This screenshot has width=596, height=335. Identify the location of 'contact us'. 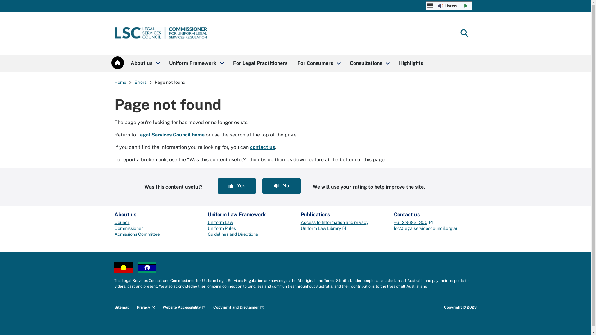
(262, 147).